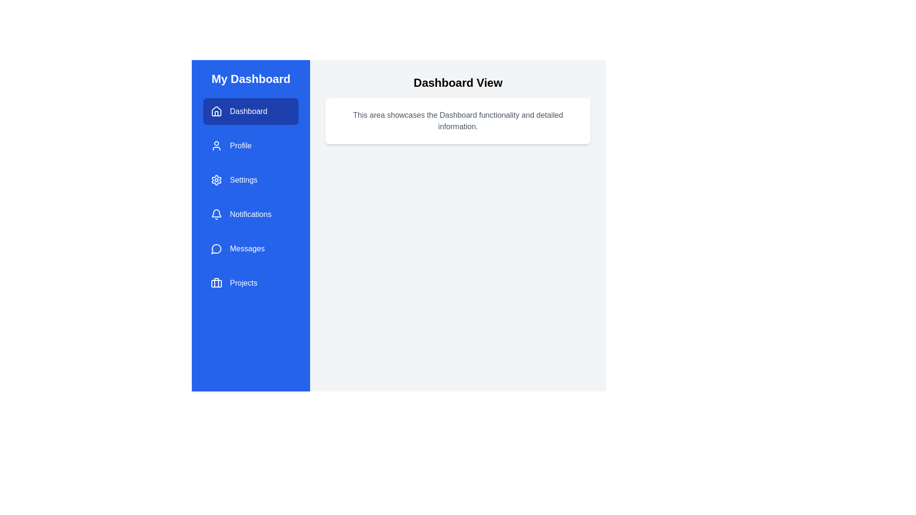 This screenshot has height=515, width=916. I want to click on the menu item Notifications to navigate to its corresponding section, so click(251, 215).